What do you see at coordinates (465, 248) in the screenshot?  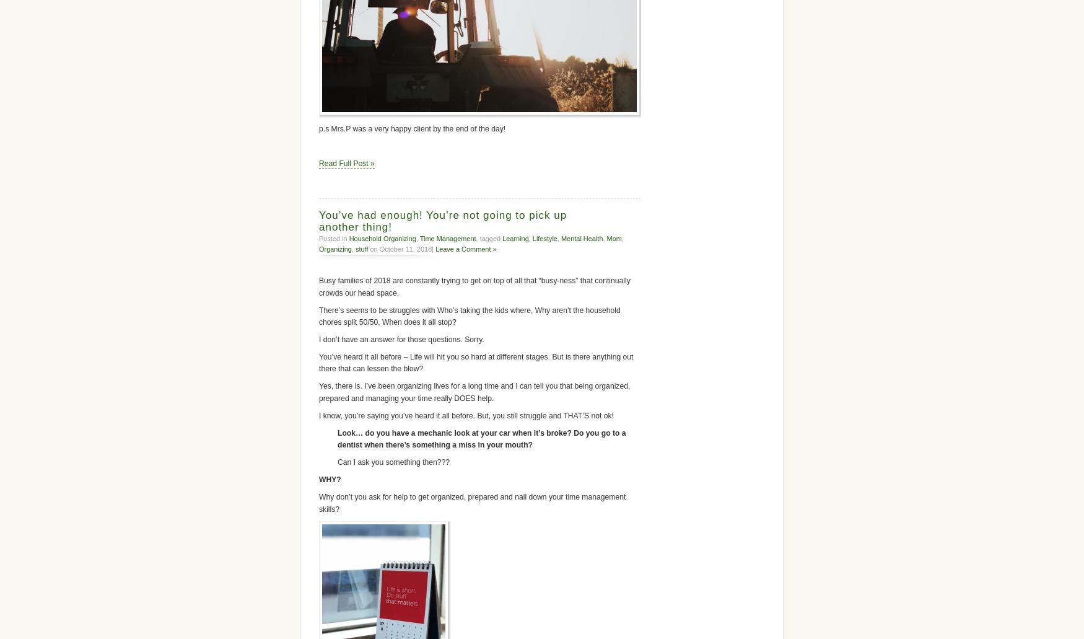 I see `'Leave a Comment »'` at bounding box center [465, 248].